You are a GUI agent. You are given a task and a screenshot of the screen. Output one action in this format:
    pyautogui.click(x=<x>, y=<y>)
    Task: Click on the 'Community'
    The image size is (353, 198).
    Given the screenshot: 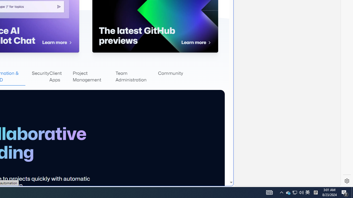 What is the action you would take?
    pyautogui.click(x=170, y=77)
    